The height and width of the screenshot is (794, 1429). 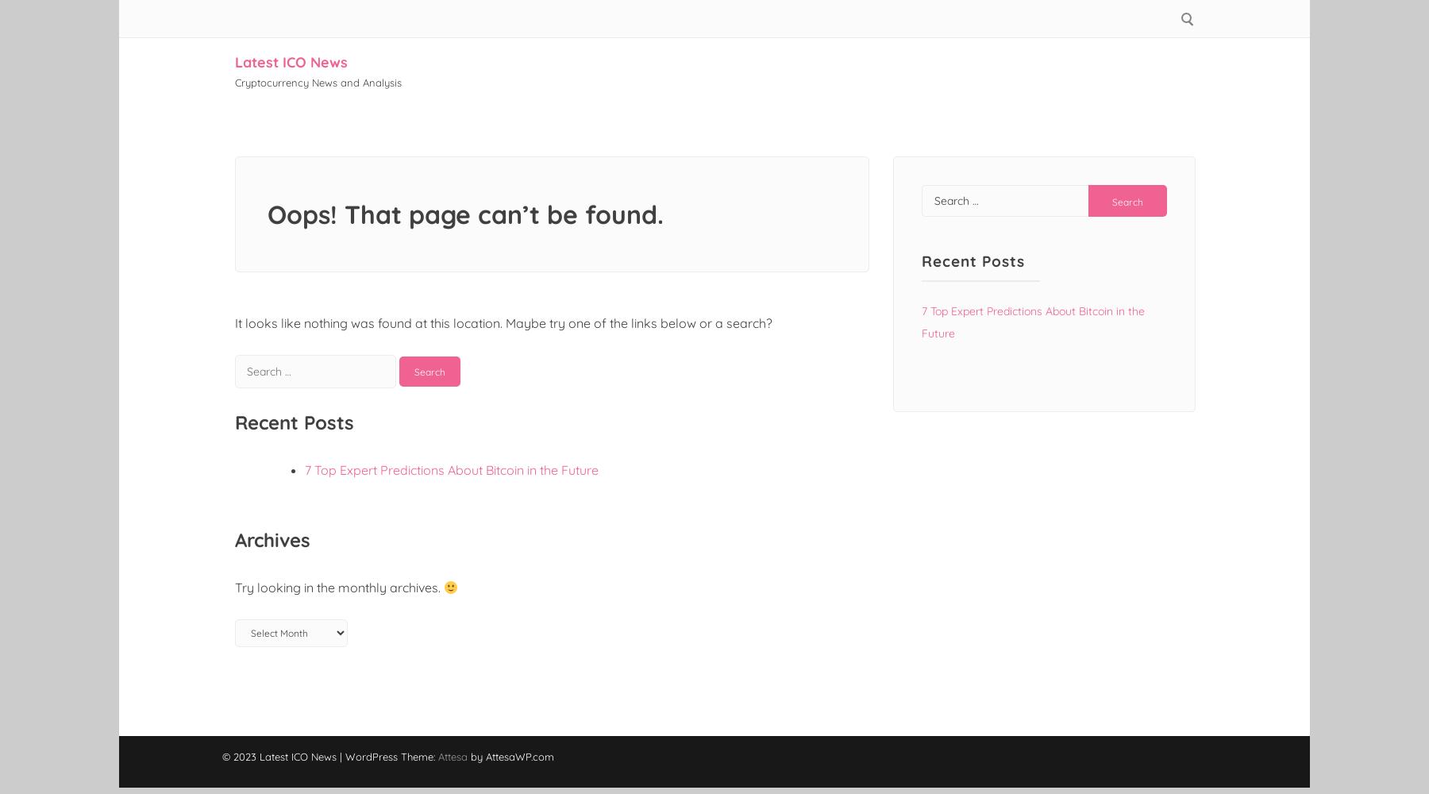 What do you see at coordinates (465, 214) in the screenshot?
I see `'Oops! That page can’t be found.'` at bounding box center [465, 214].